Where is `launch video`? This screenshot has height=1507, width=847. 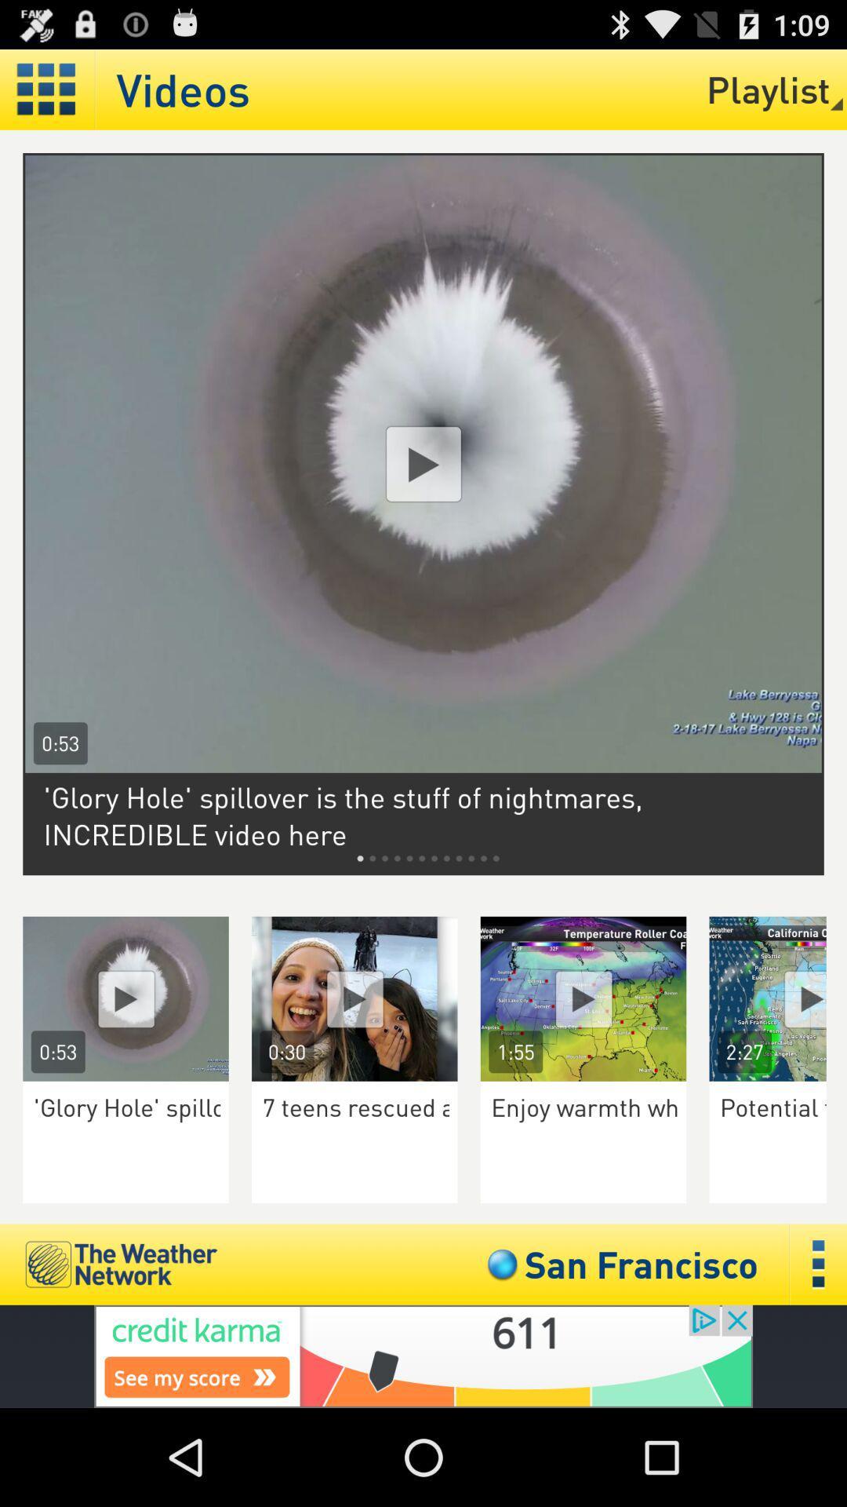 launch video is located at coordinates (778, 998).